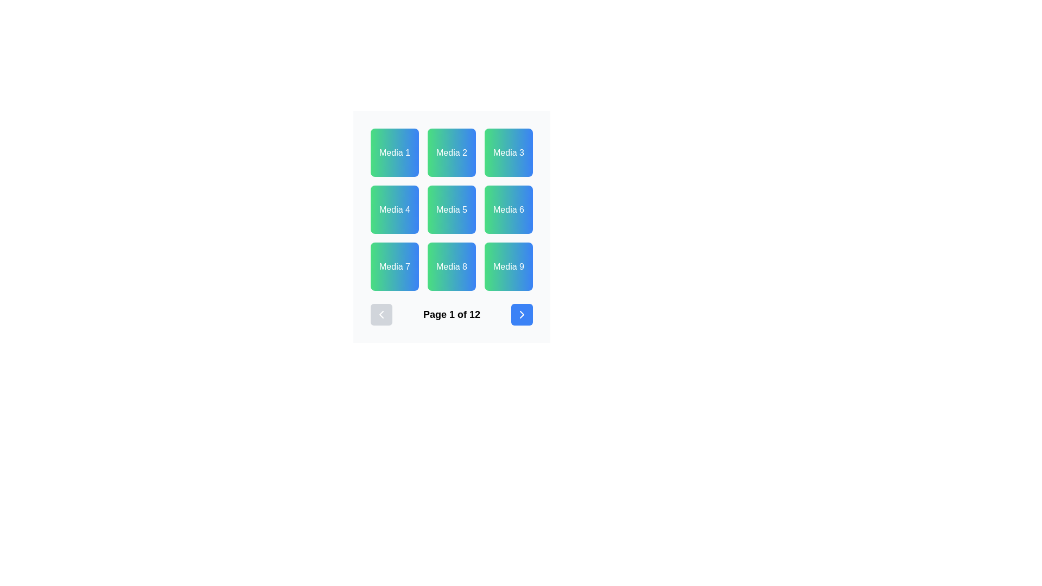 The height and width of the screenshot is (586, 1042). I want to click on the small square-shaped button with a blue background and a white rightward-pointing chevron icon, located in the bottom-right corner of the navigation toolbar, so click(522, 314).